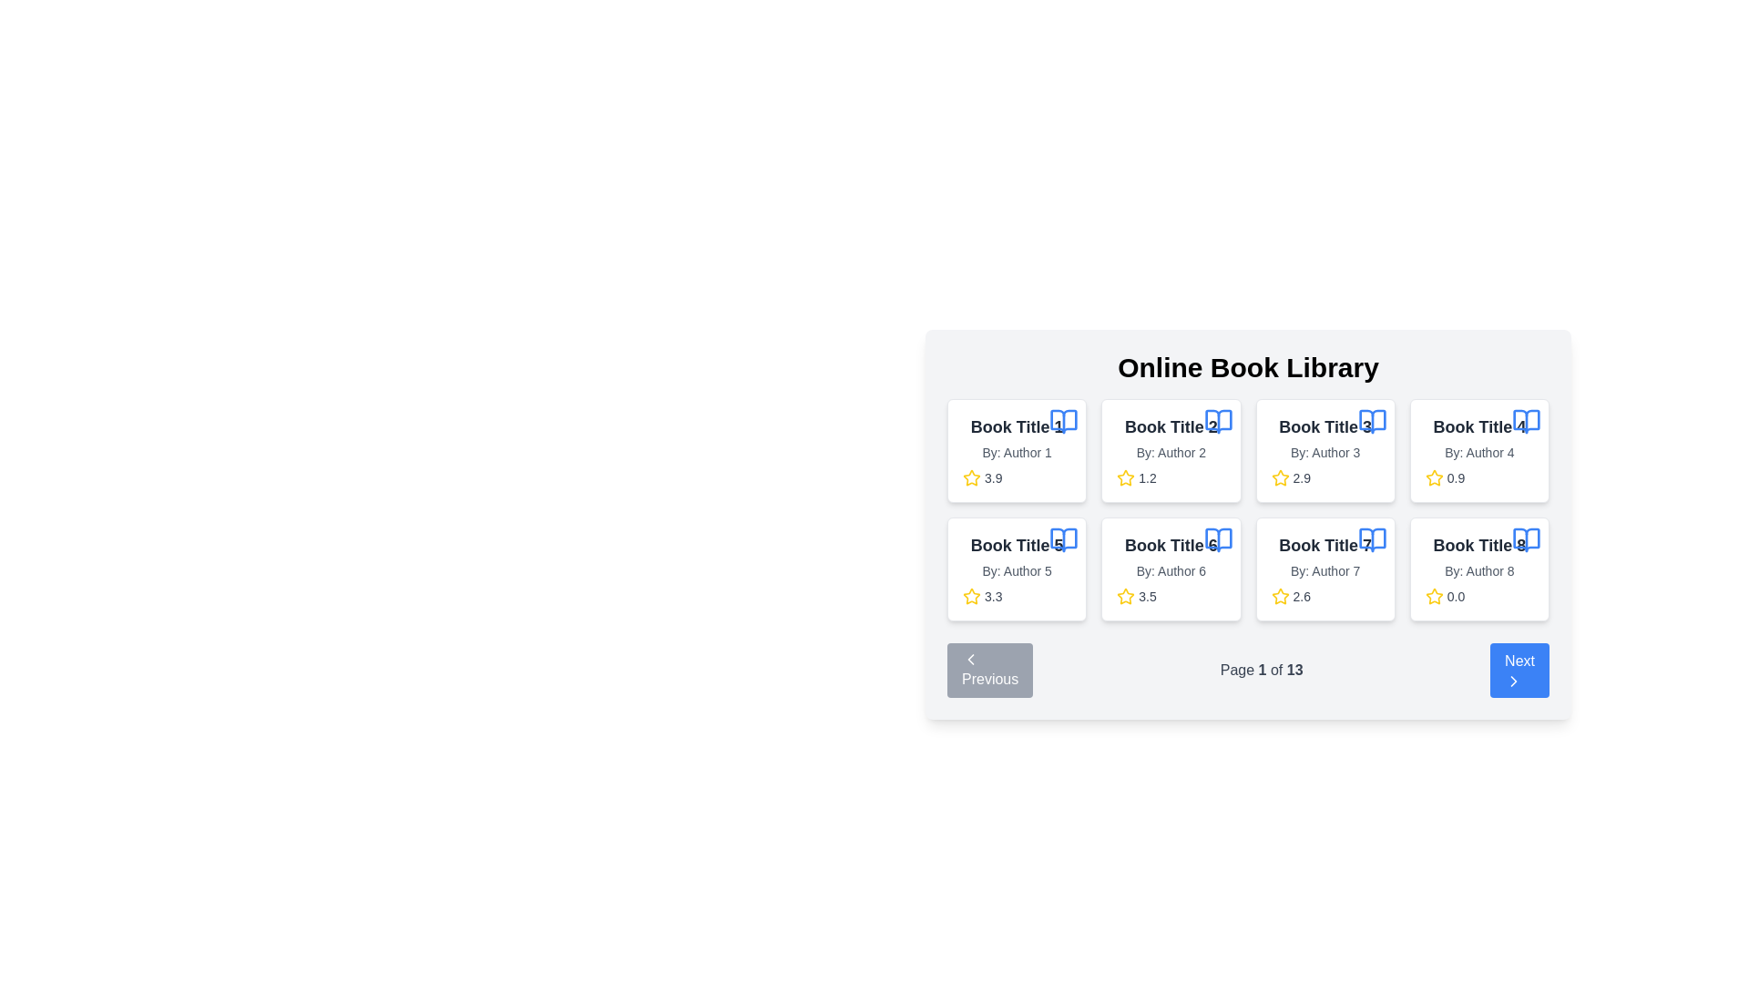  I want to click on text content of the label that displays the current page number and total pages, located between the 'Previous' and 'Next' buttons at the bottom center of the interface, so click(1261, 671).